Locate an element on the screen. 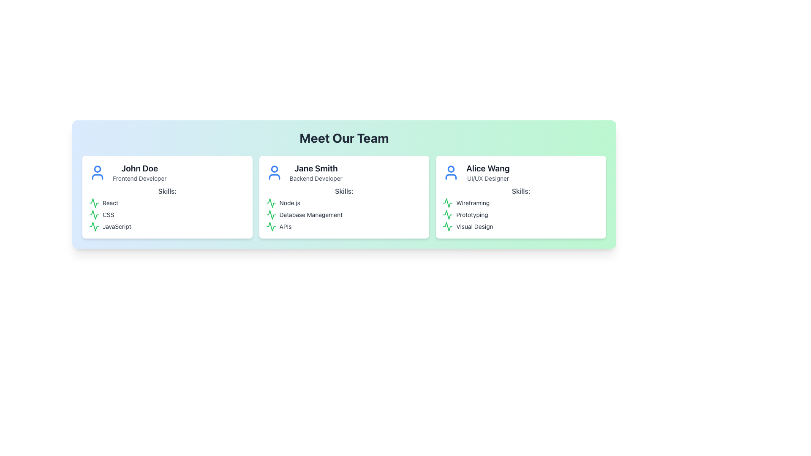  the heading text element for 'Jane Smith' located at the top of the middle card, which is directly below a person icon and above the smaller text 'Backend Developer' is located at coordinates (316, 168).